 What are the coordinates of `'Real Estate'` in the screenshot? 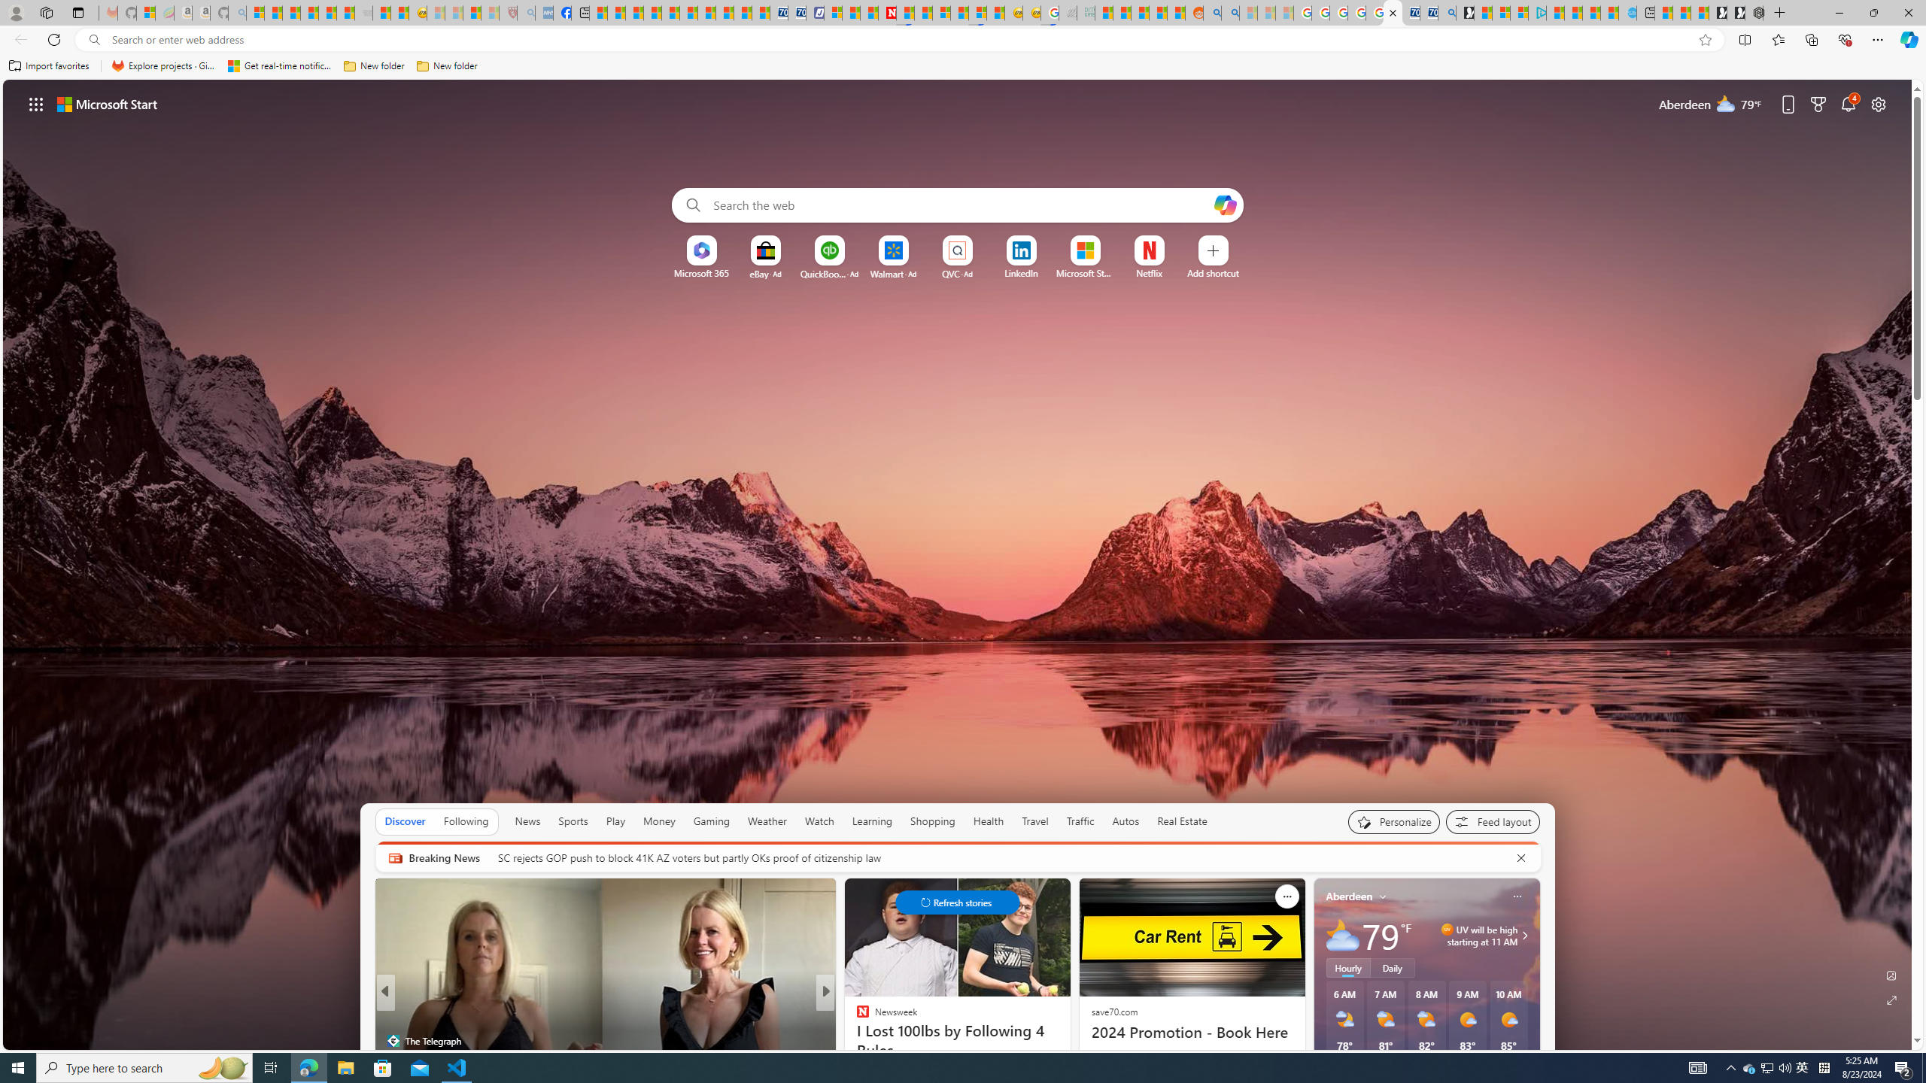 It's located at (1181, 821).